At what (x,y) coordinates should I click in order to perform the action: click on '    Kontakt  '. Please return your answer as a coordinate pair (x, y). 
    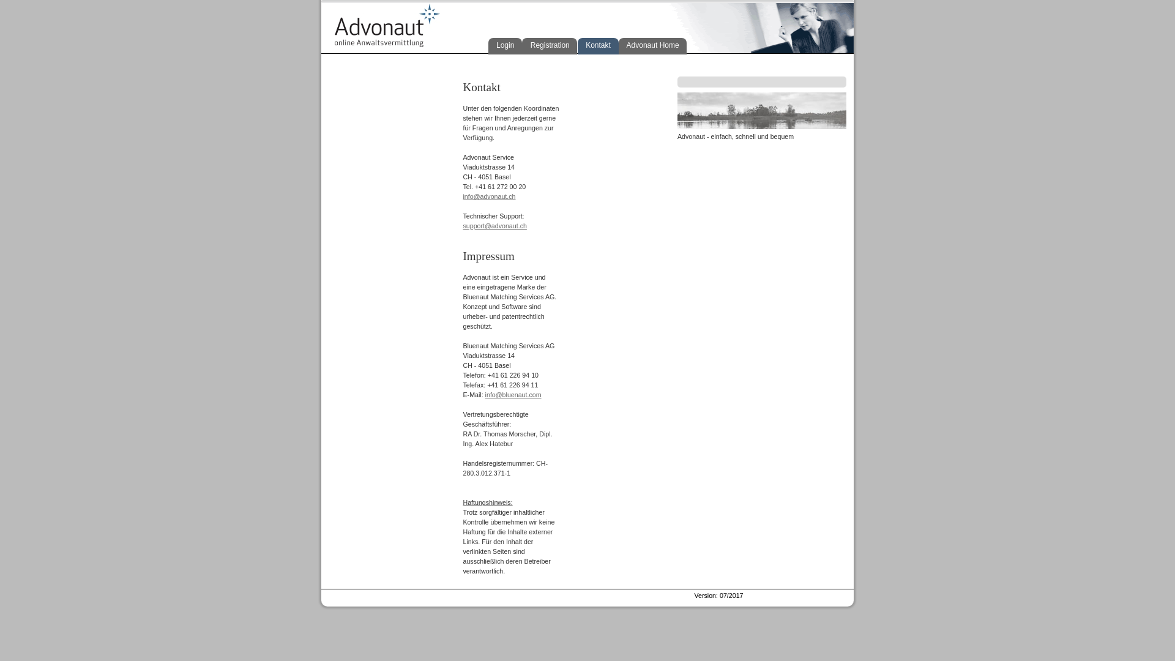
    Looking at the image, I should click on (598, 45).